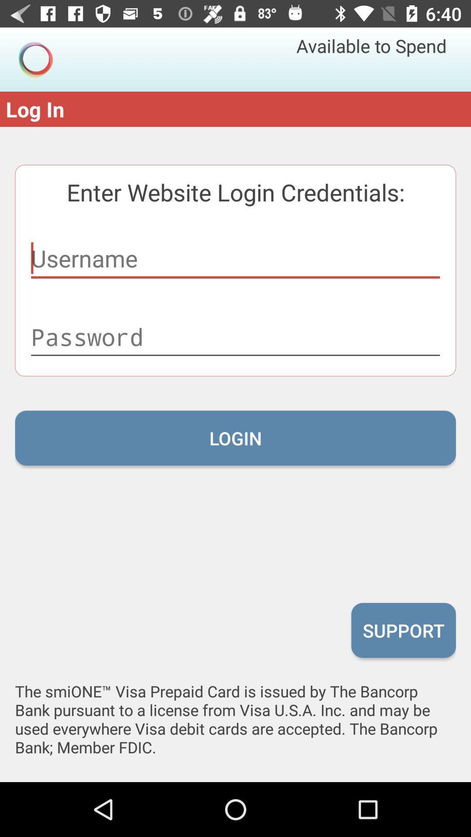 This screenshot has width=471, height=837. I want to click on item above the login item, so click(235, 337).